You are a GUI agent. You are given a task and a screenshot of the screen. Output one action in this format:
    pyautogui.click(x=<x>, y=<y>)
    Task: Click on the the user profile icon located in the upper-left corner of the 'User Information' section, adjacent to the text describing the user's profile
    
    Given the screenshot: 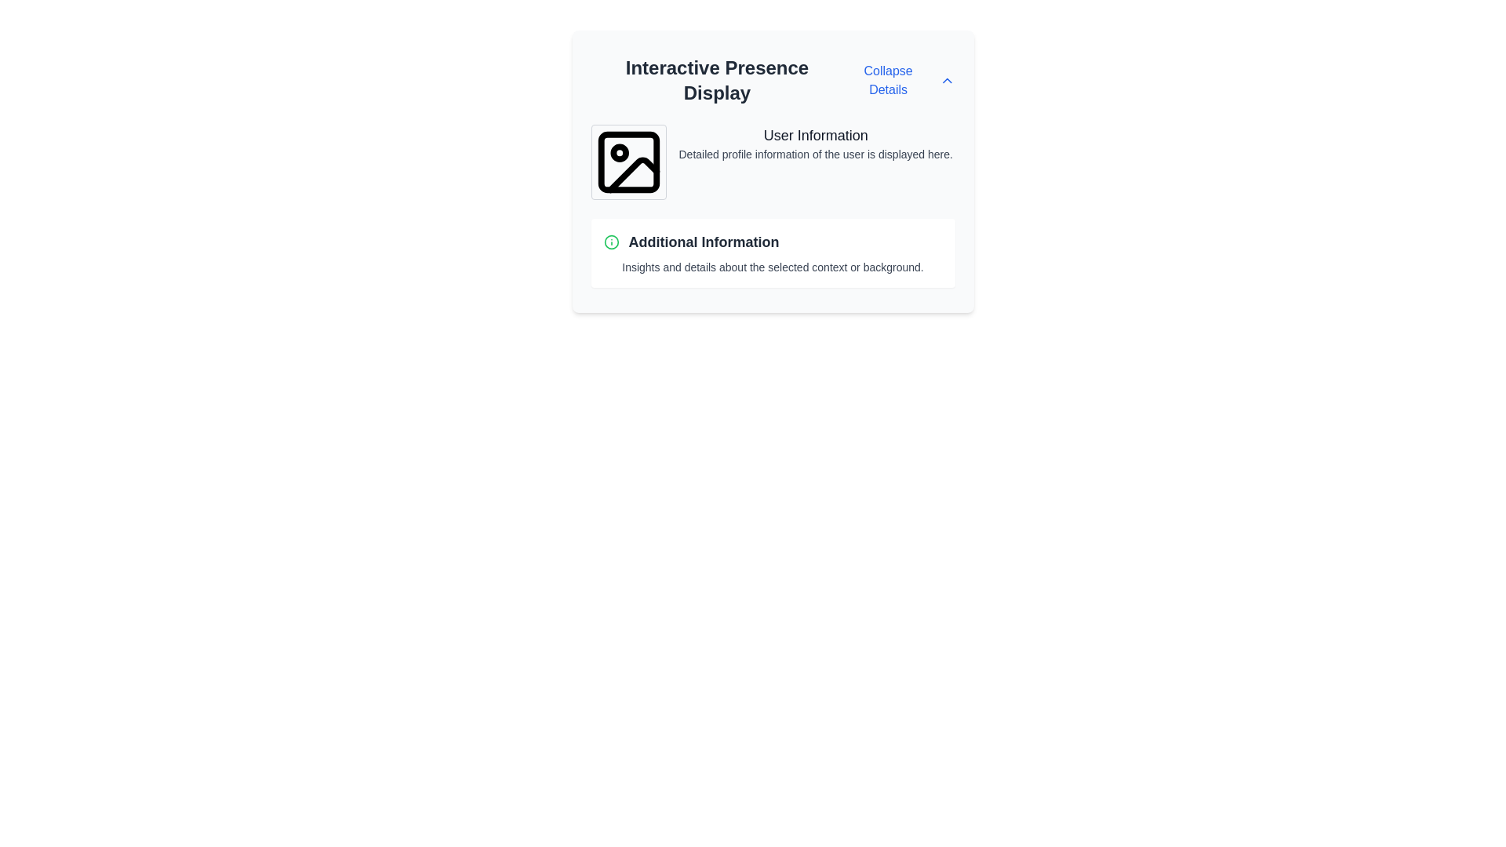 What is the action you would take?
    pyautogui.click(x=628, y=162)
    